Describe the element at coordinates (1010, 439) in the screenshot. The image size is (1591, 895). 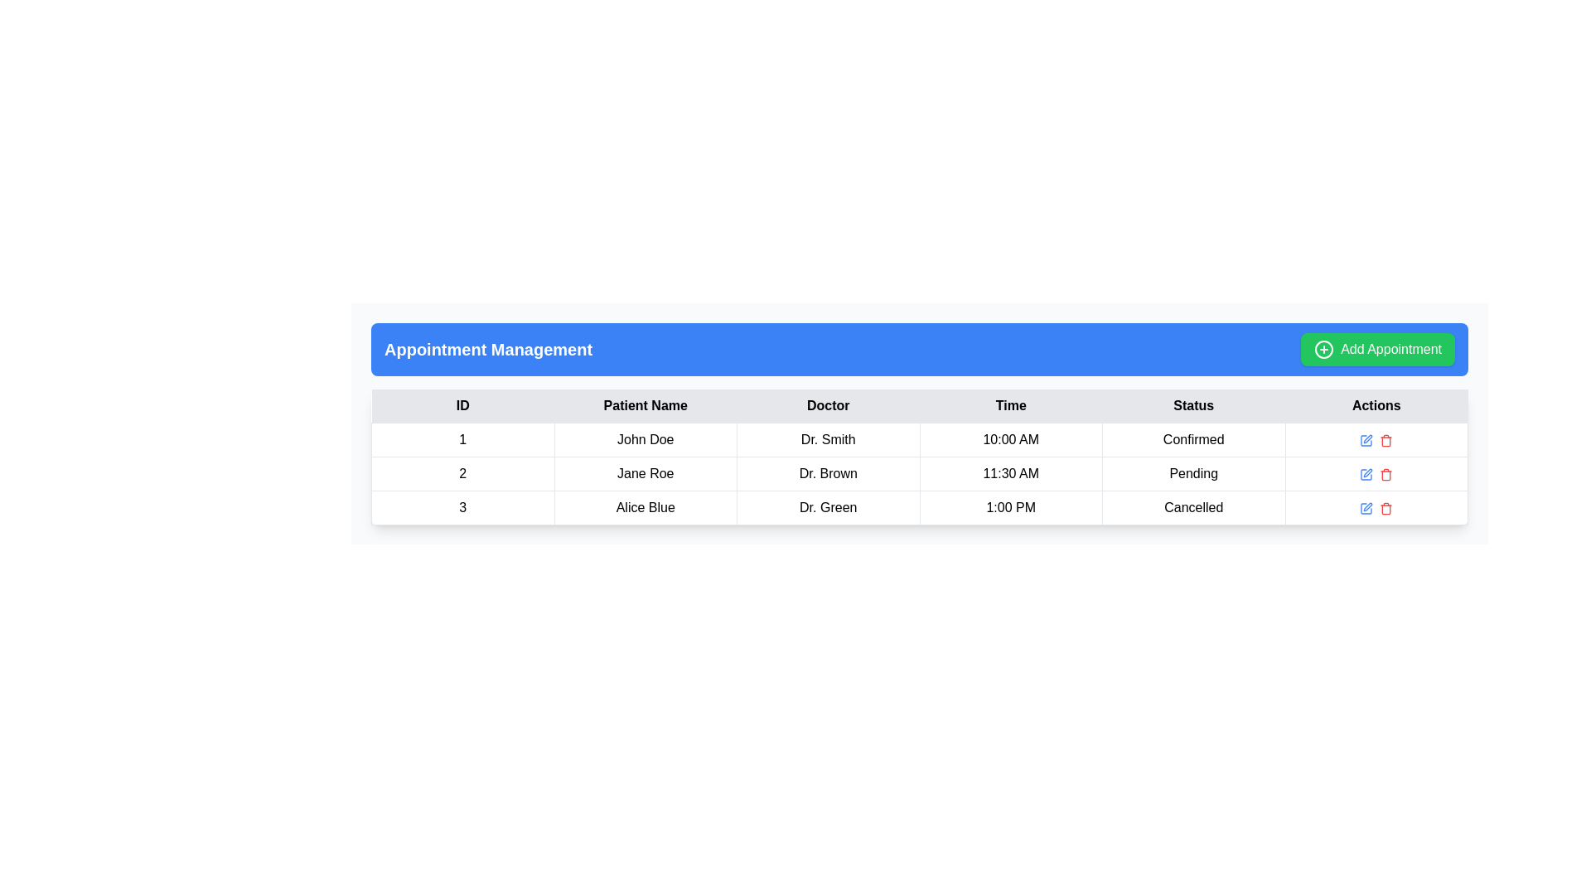
I see `the text display showing '10:00 AM' in the 'Time' column of the grid structure, which is positioned in the fourth cell of the first row` at that location.